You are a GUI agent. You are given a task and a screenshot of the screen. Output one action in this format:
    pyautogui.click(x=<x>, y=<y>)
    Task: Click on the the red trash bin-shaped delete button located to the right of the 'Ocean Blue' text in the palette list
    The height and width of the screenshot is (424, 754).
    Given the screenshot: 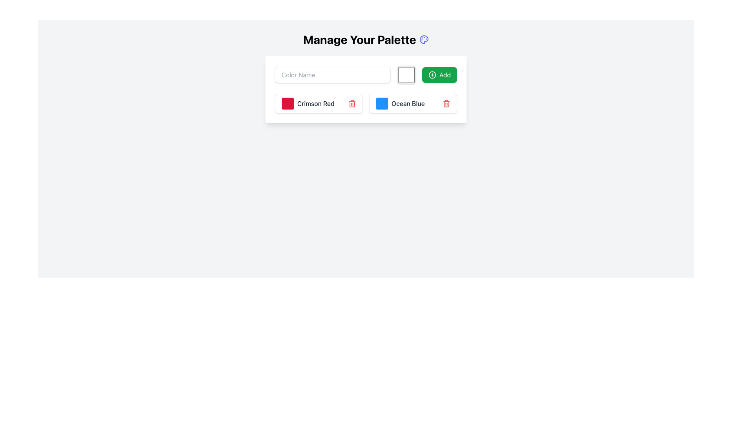 What is the action you would take?
    pyautogui.click(x=447, y=103)
    